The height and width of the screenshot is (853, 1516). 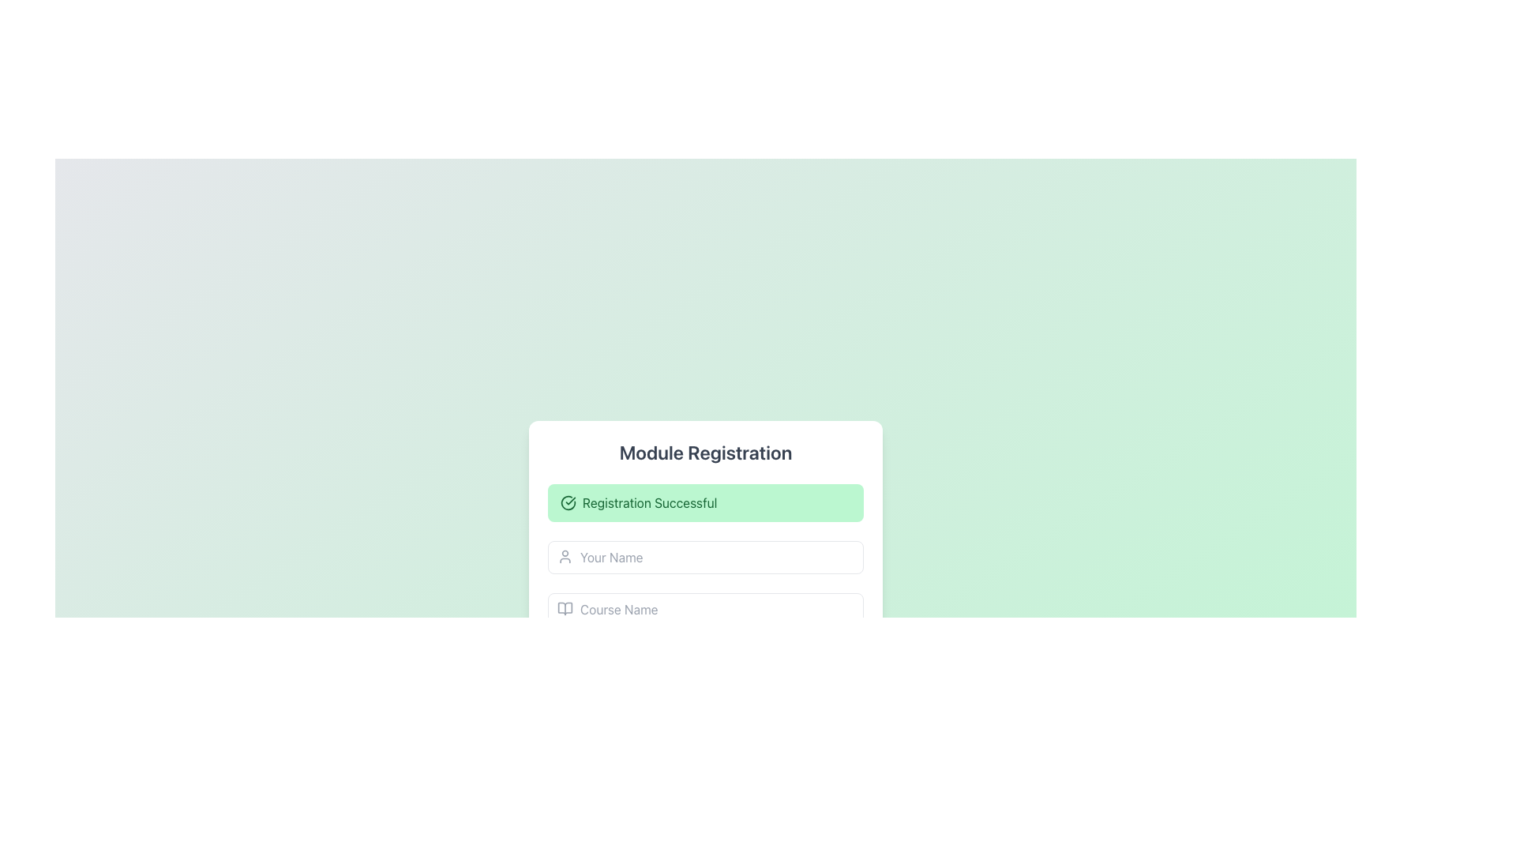 I want to click on the open book icon, which is located to the left of the 'Course Name' text field and is characterized by its symmetrical outline and subtle gray color, so click(x=565, y=608).